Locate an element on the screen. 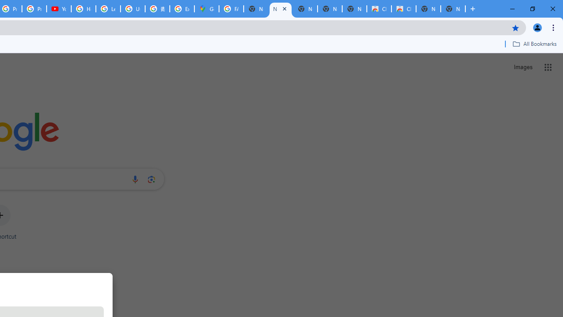 The image size is (563, 317). 'Classic Blue - Chrome Web Store' is located at coordinates (403, 9).